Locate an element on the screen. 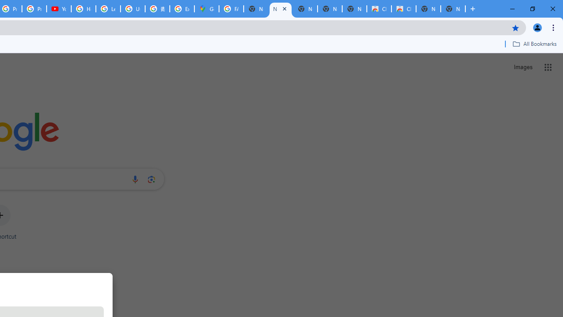 The image size is (563, 317). 'Classic Blue - Chrome Web Store' is located at coordinates (403, 9).